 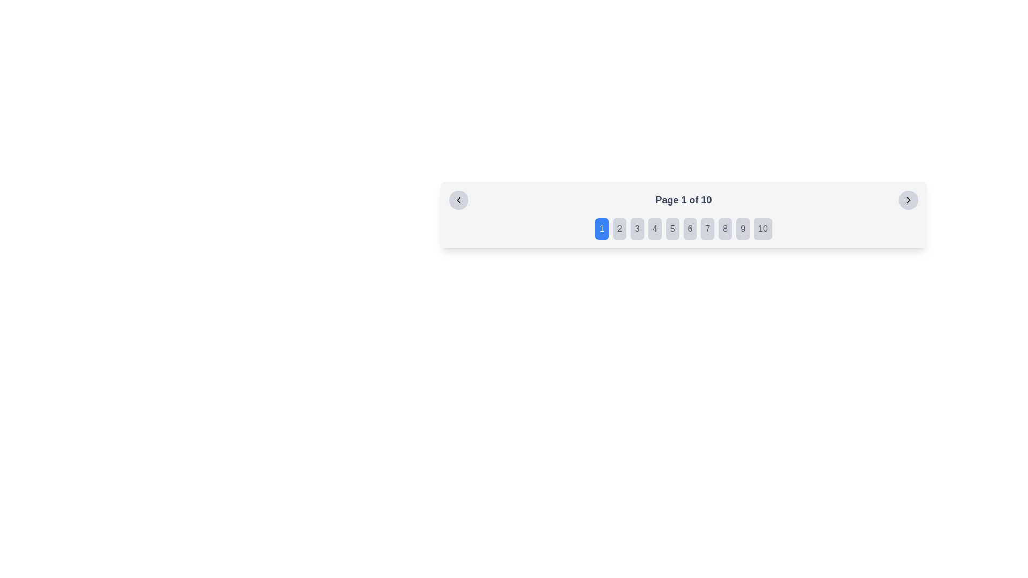 What do you see at coordinates (742, 229) in the screenshot?
I see `the button labeled '9' with a gray background` at bounding box center [742, 229].